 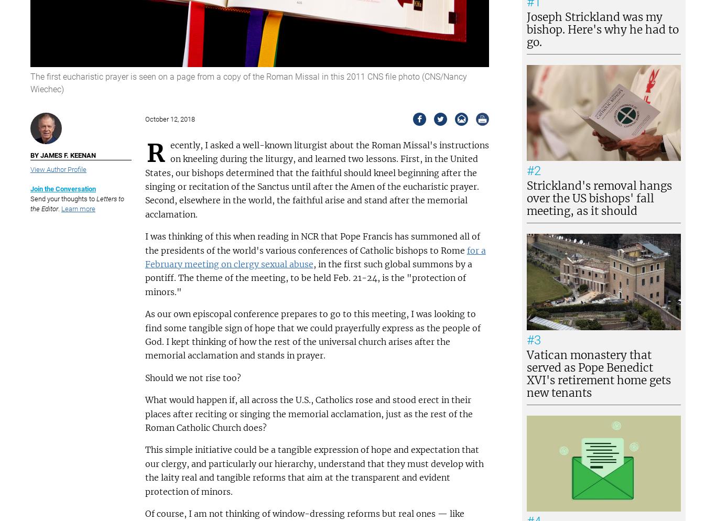 I want to click on 'This simple initiative could be a tangible expression of hope and expectation that our clergy, and particularly our hierarchy, understand that they must develop with the laity real and tangible reforms that aim at the transparent and evident protection of minors.', so click(x=313, y=470).